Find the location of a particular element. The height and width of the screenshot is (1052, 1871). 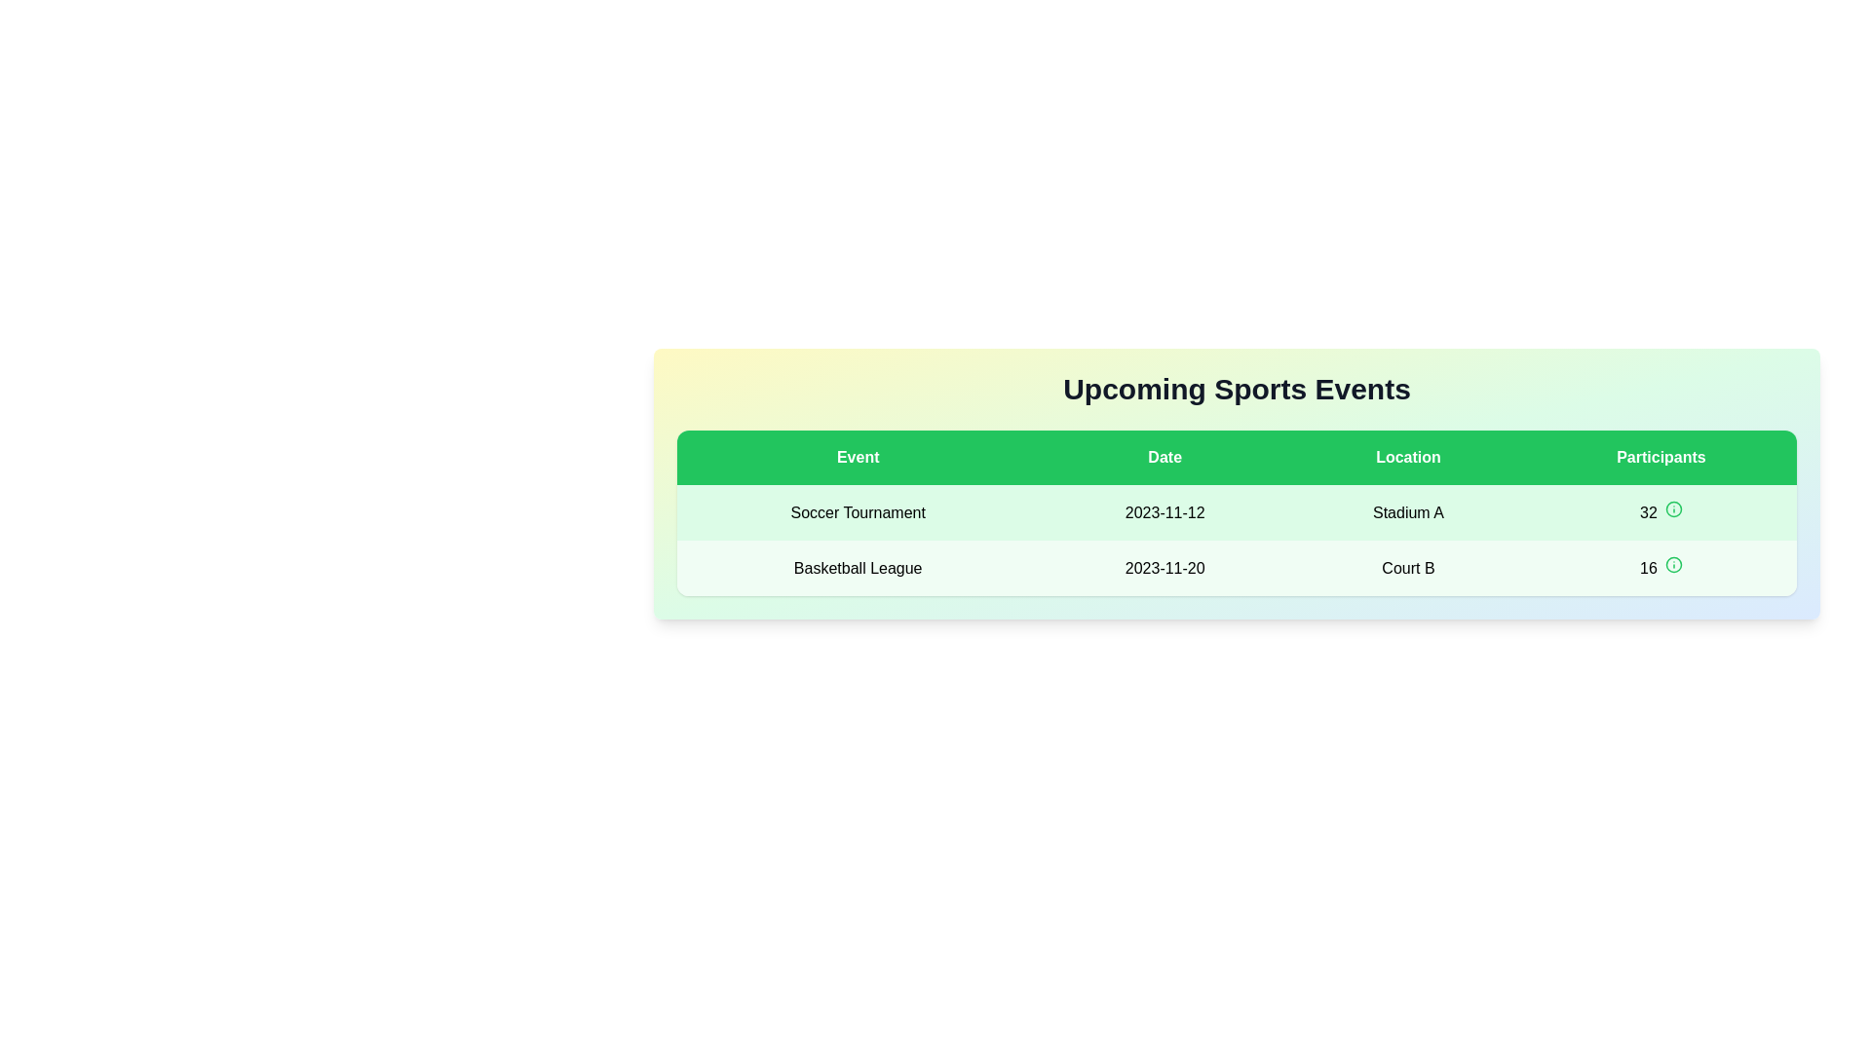

the primary SVG circle icon representing the participant count in the second row of the 'Participants' column, located to the right of the number 16 is located at coordinates (1672, 564).